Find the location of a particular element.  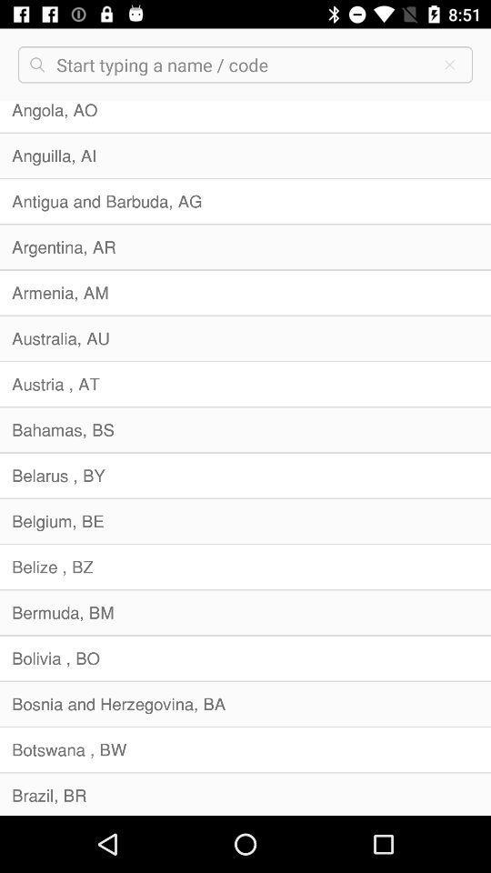

the cancel button is located at coordinates (449, 65).